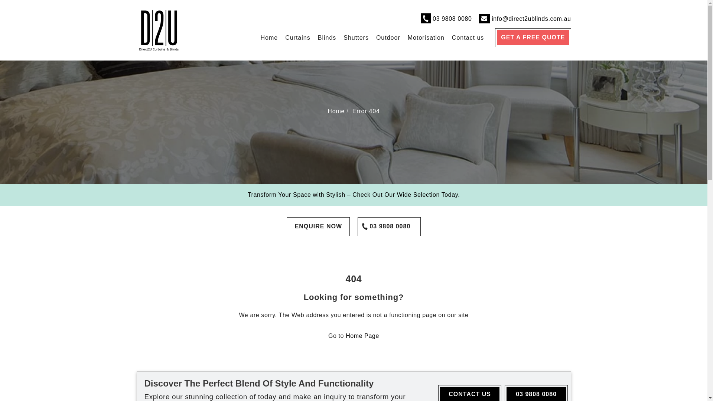 This screenshot has width=713, height=401. Describe the element at coordinates (327, 38) in the screenshot. I see `'Blinds'` at that location.